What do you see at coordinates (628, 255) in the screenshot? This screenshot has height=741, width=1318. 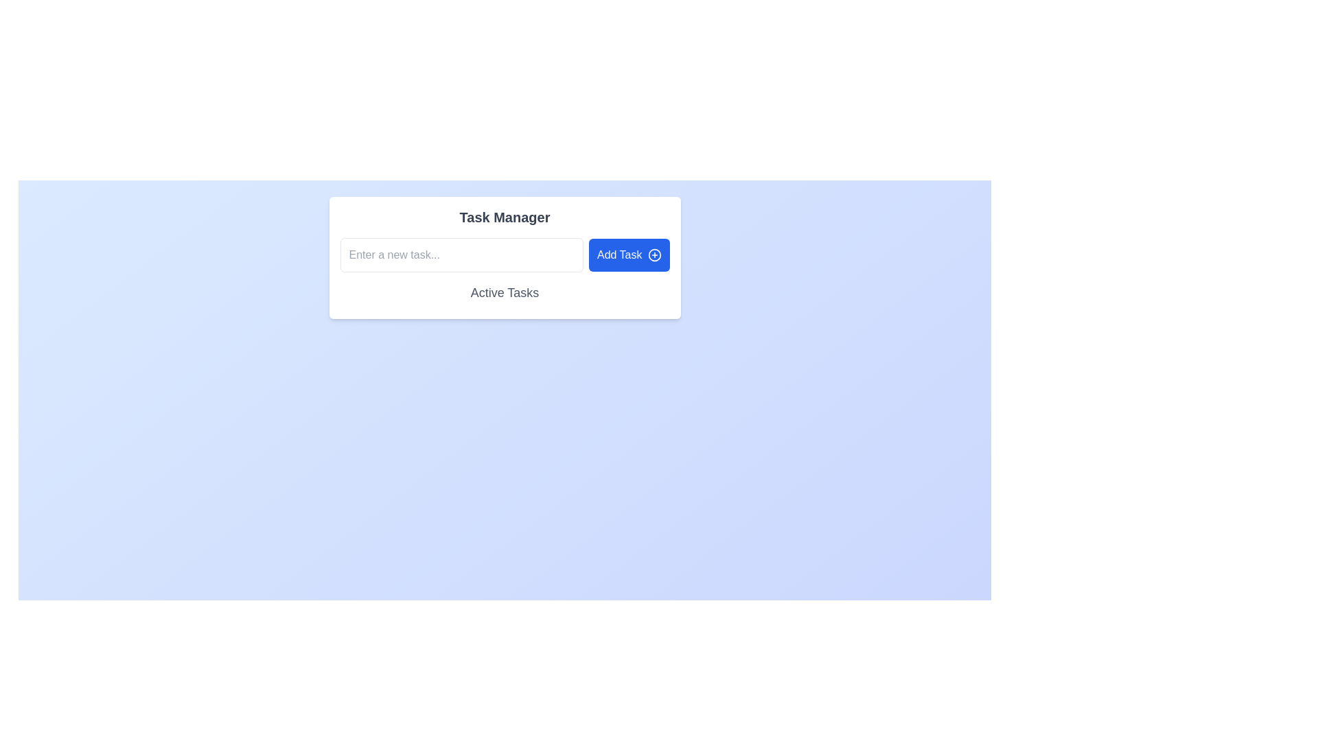 I see `the 'Add Task' button, which is a blue button with rounded corners and white text, prominently styled within the 'Task Manager' interface` at bounding box center [628, 255].